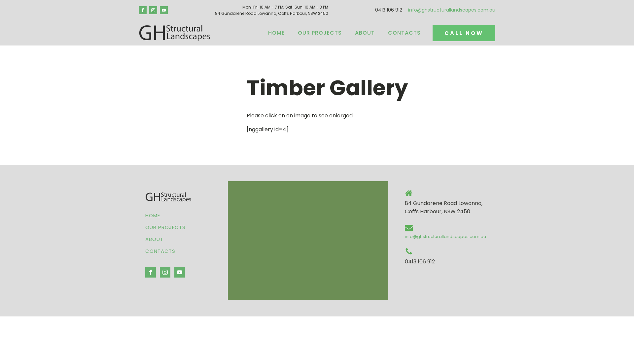 The image size is (634, 356). Describe the element at coordinates (451, 10) in the screenshot. I see `'info@ghstructurallandscapes.com.au'` at that location.